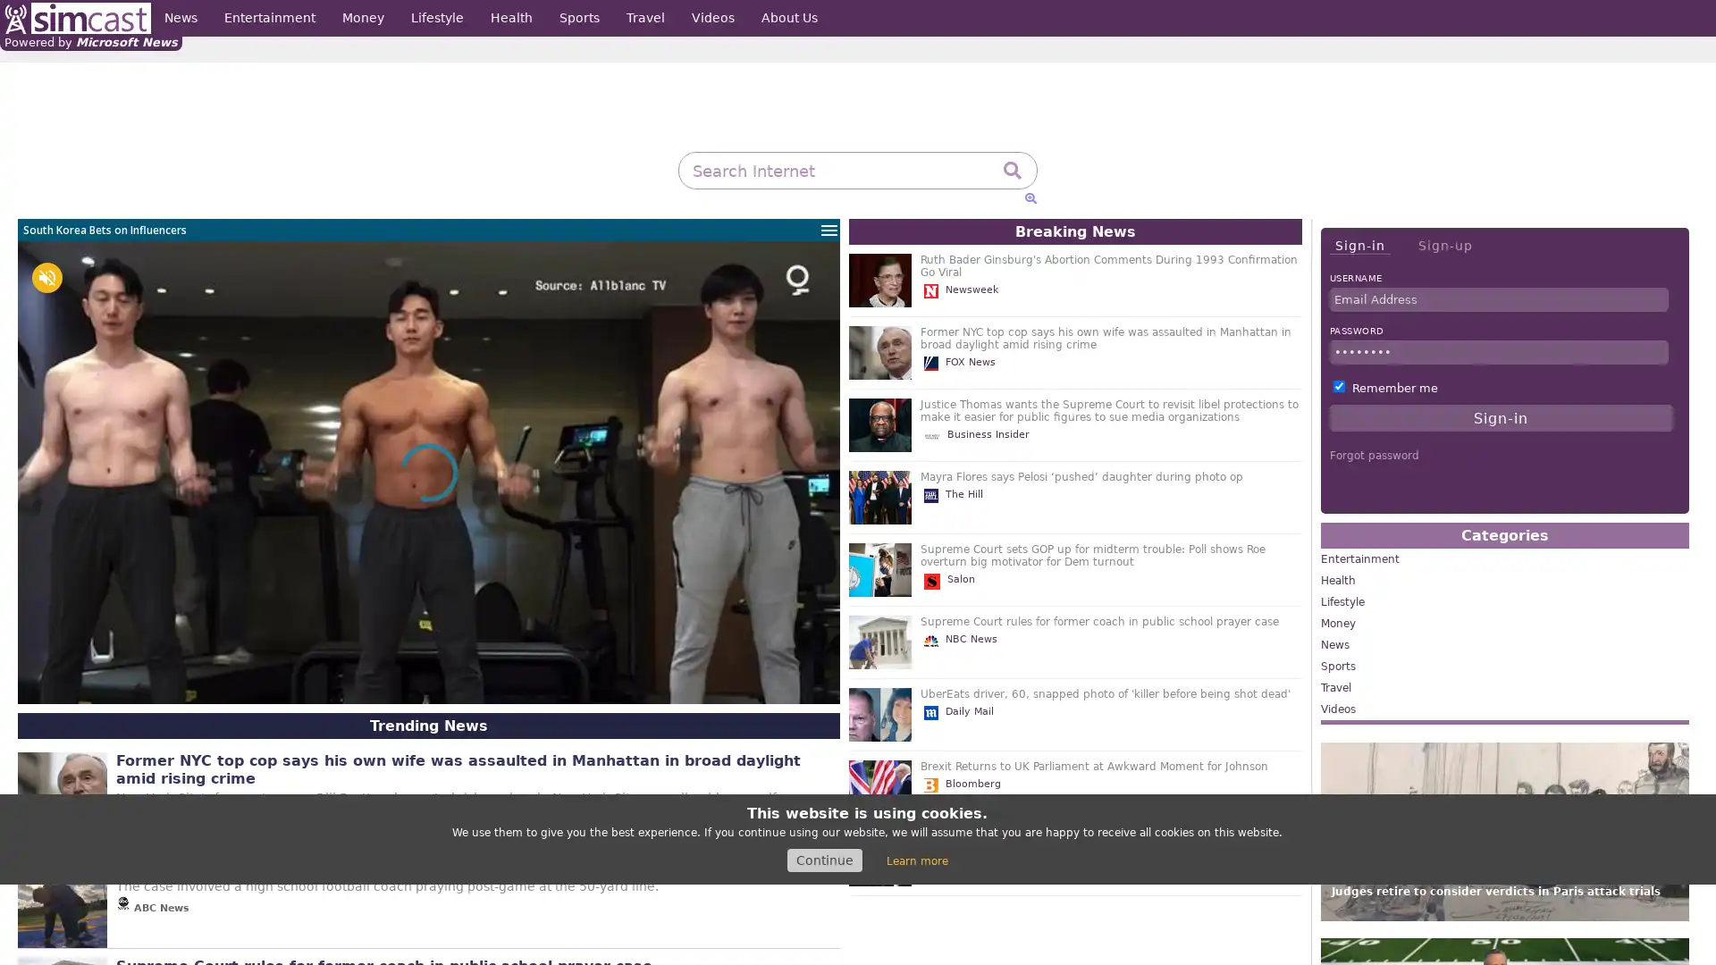  What do you see at coordinates (46, 278) in the screenshot?
I see `volume_offvolume_up` at bounding box center [46, 278].